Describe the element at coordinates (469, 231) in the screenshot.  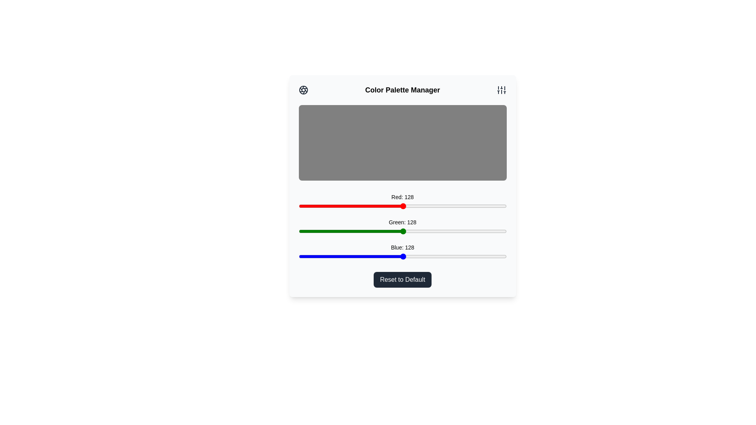
I see `the green slider to set the green intensity to 209` at that location.